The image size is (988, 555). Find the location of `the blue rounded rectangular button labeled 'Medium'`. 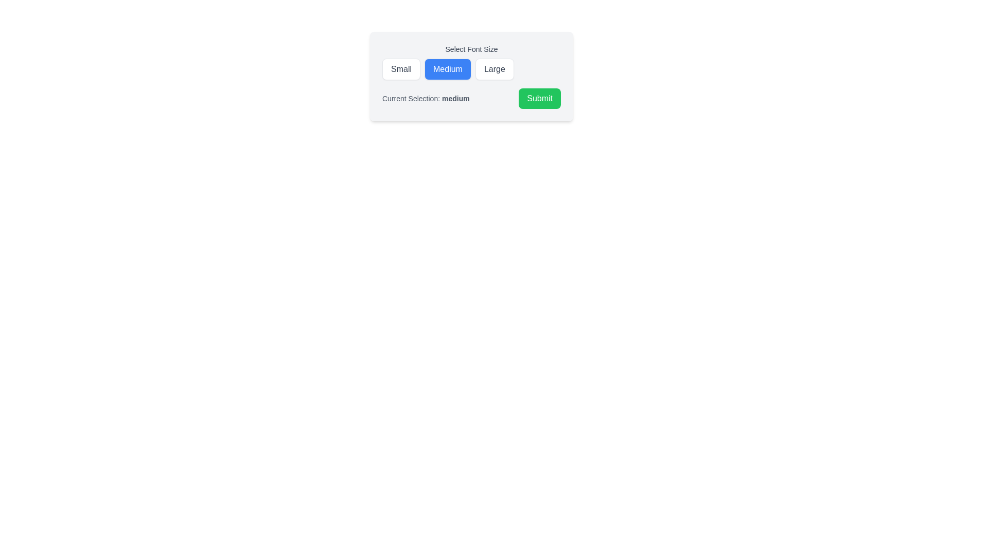

the blue rounded rectangular button labeled 'Medium' is located at coordinates (471, 76).